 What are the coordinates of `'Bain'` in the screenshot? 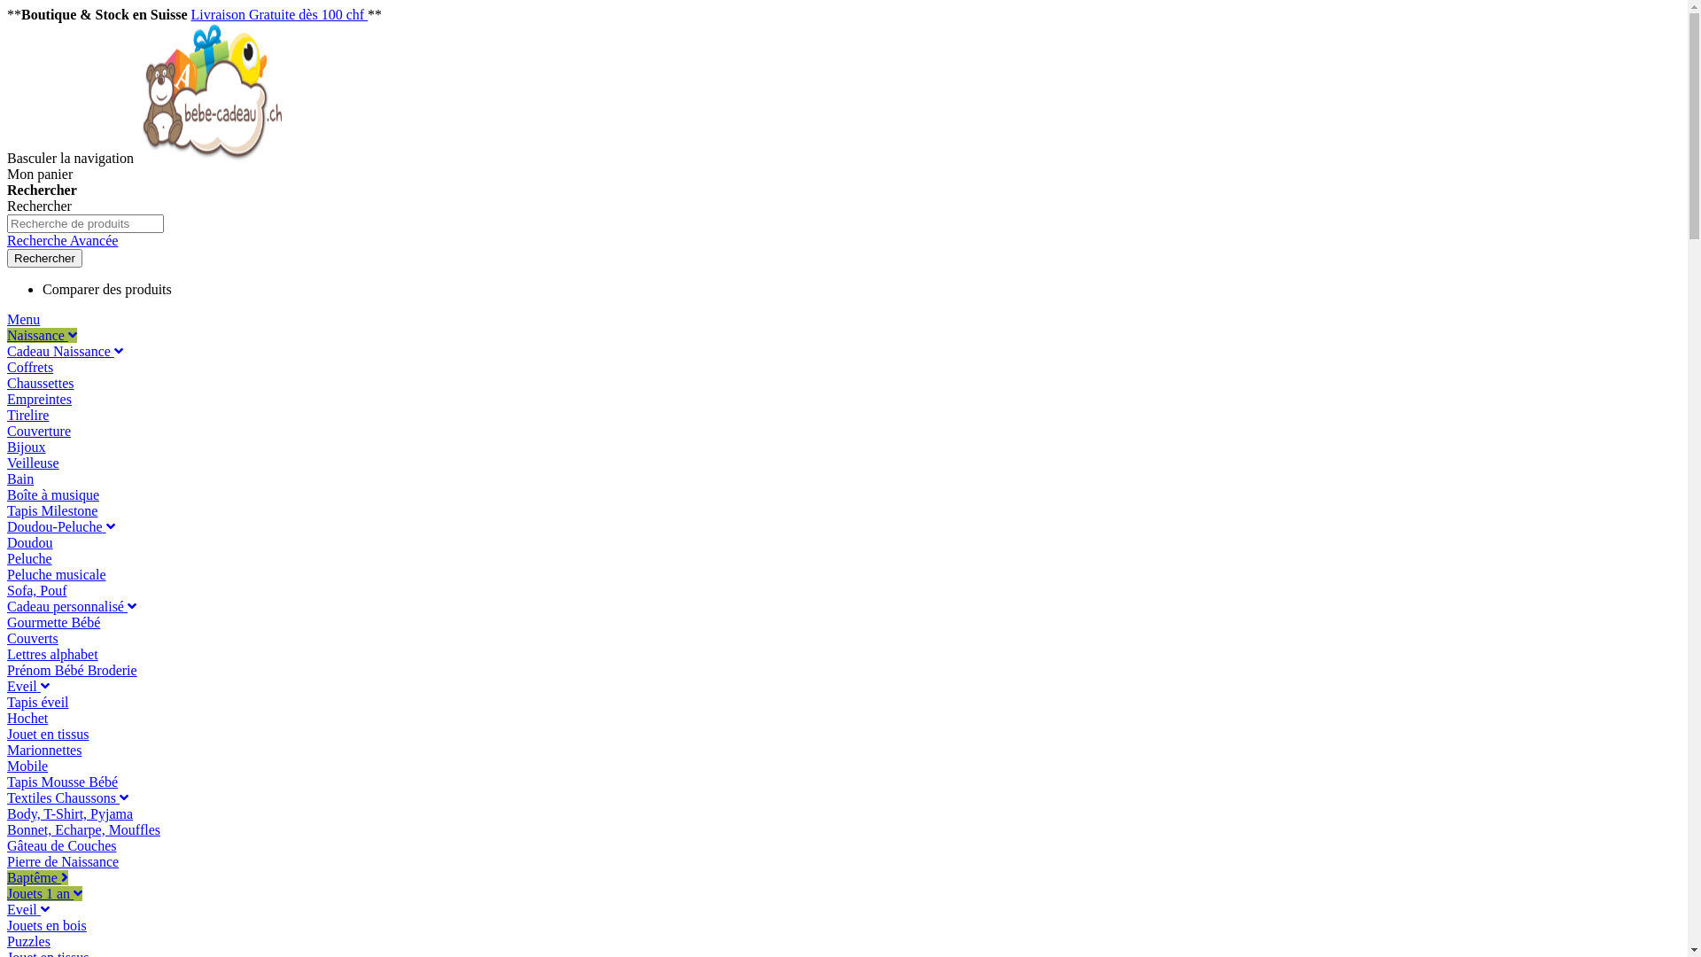 It's located at (20, 478).